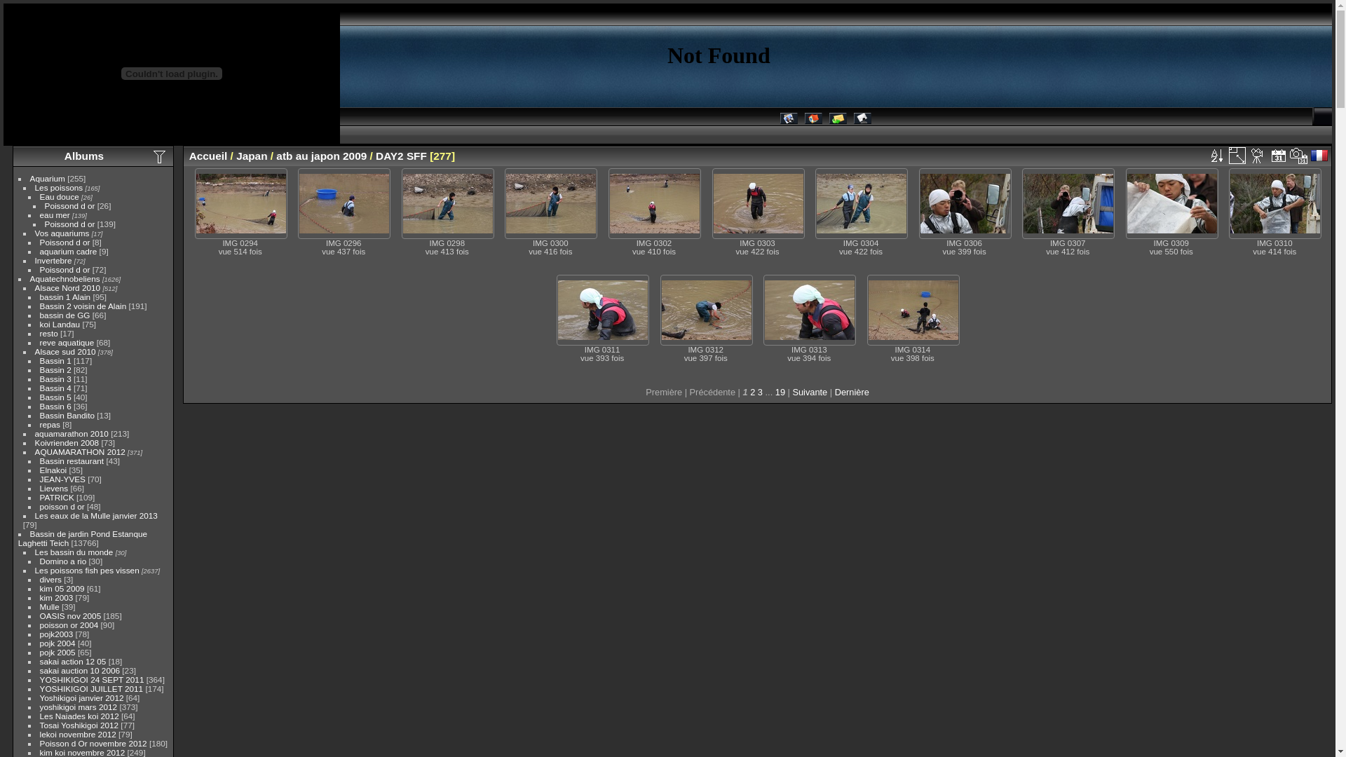 Image resolution: width=1346 pixels, height=757 pixels. Describe the element at coordinates (241, 203) in the screenshot. I see `'IMG 0294 (514 visites)'` at that location.